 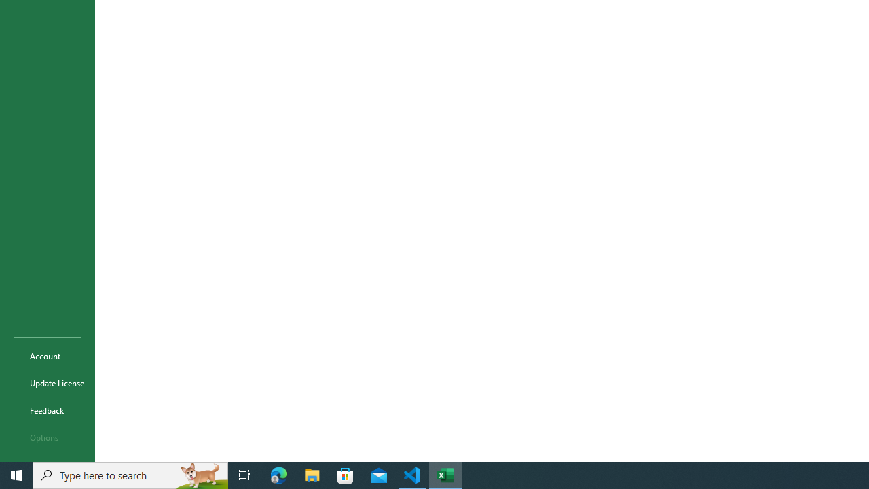 I want to click on 'Search highlights icon opens search home window', so click(x=200, y=474).